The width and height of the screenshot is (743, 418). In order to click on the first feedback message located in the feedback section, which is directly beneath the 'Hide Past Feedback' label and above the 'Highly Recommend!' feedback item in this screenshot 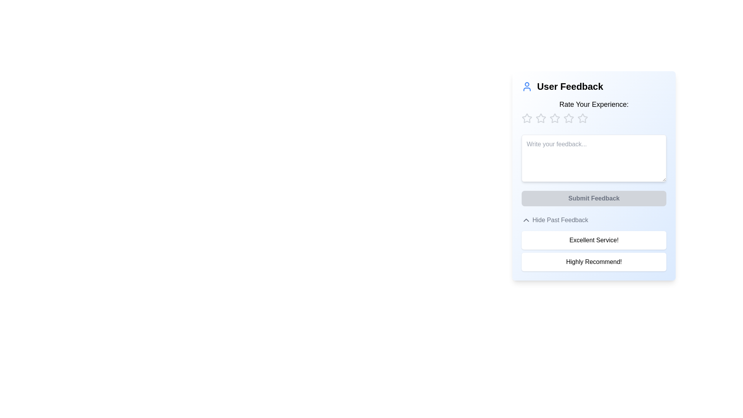, I will do `click(594, 240)`.